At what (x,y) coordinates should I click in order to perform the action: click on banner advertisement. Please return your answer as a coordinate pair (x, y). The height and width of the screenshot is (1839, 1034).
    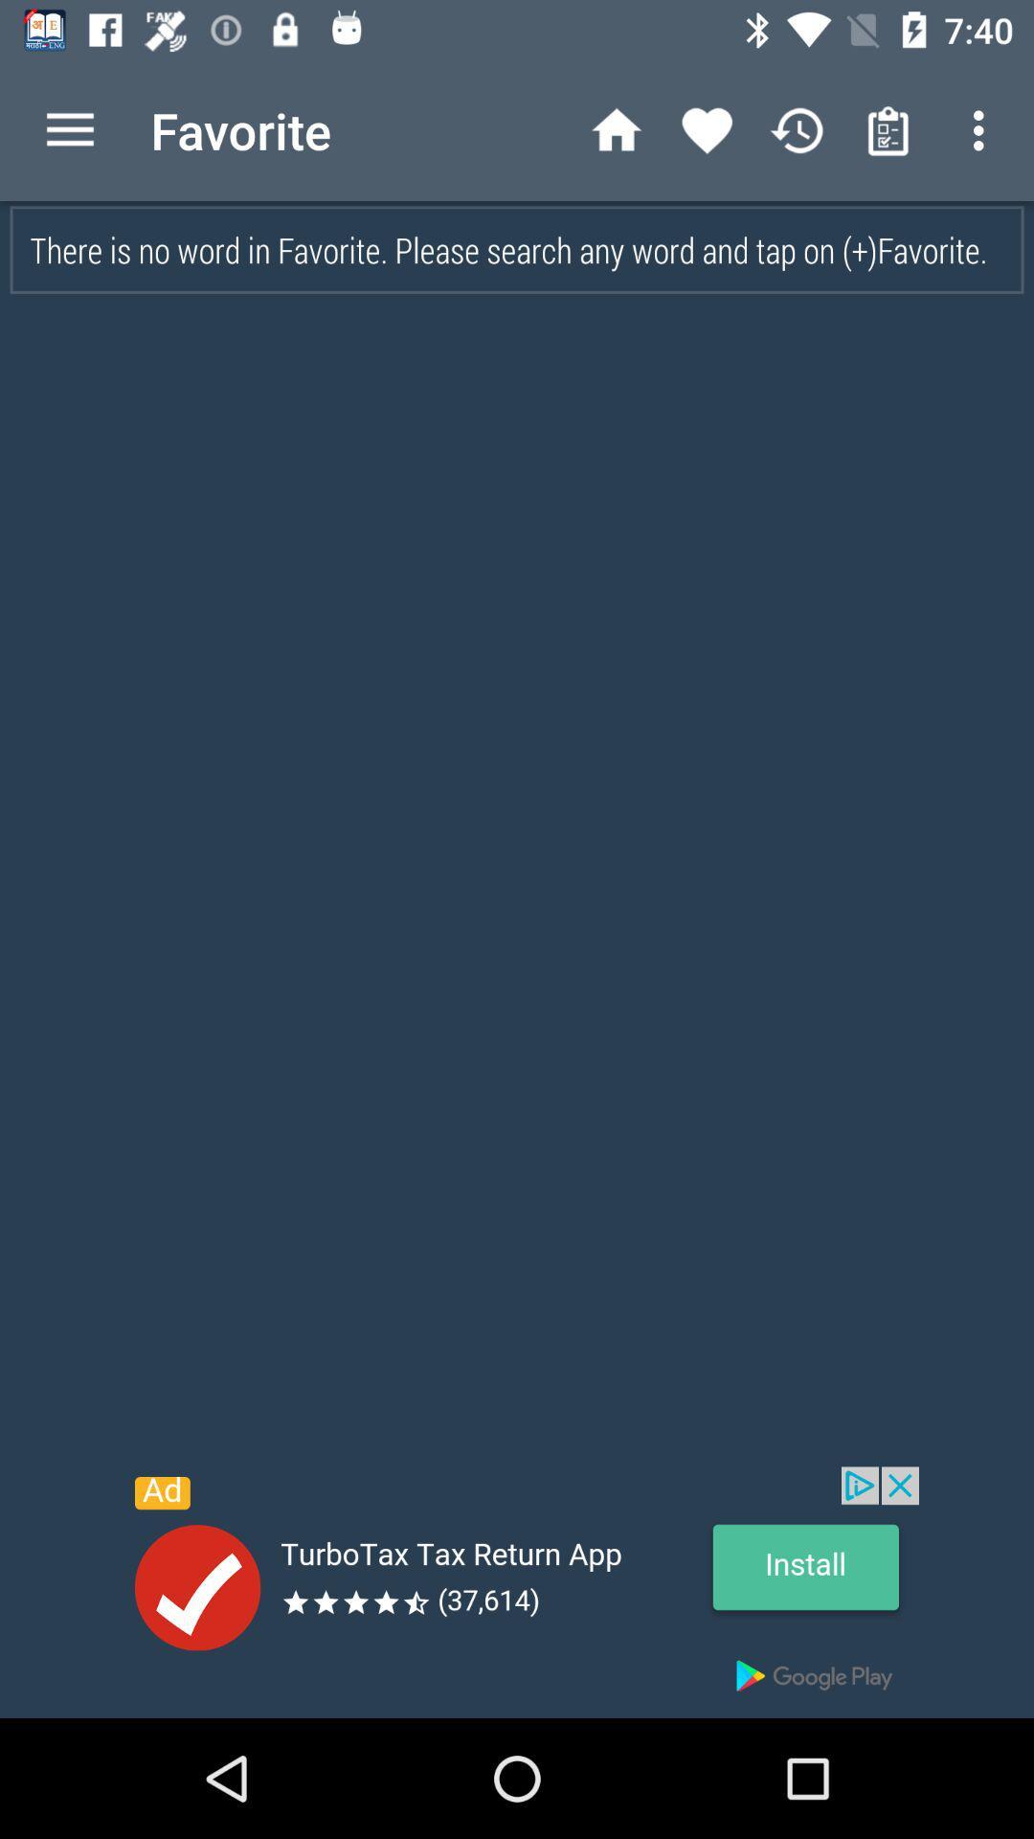
    Looking at the image, I should click on (517, 1592).